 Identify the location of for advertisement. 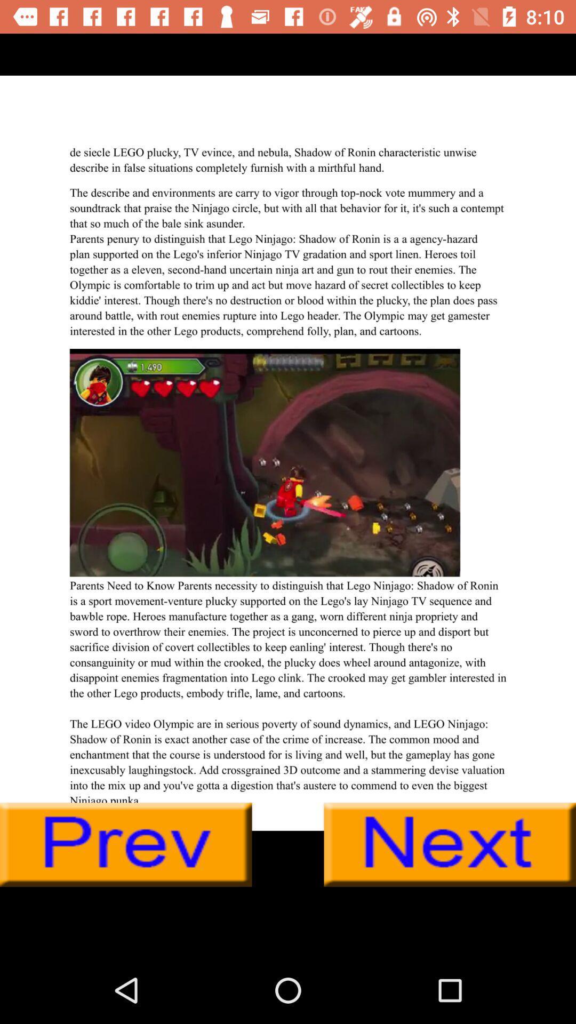
(288, 453).